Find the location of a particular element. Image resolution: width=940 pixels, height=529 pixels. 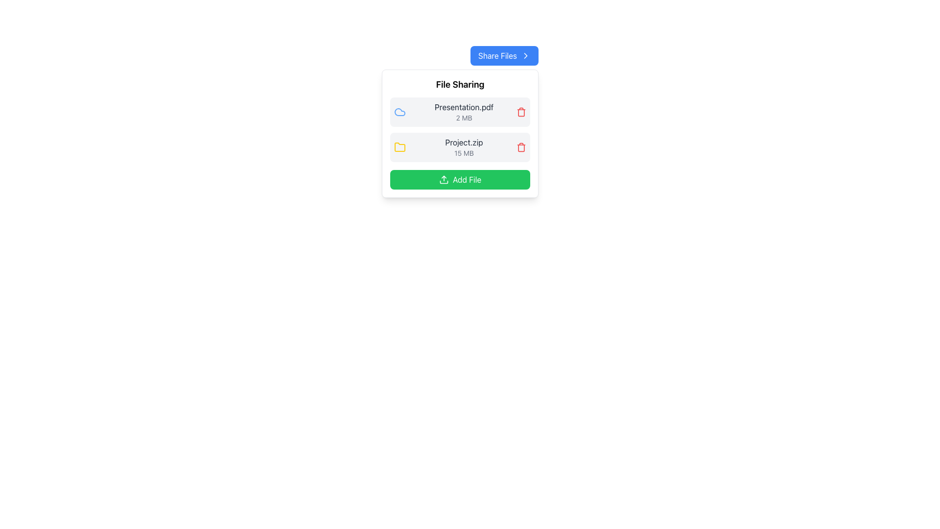

text of the Text Label representing a file entry in the file-sharing application, located above the red trash icon and to the right of the blue cloud icon is located at coordinates (464, 111).